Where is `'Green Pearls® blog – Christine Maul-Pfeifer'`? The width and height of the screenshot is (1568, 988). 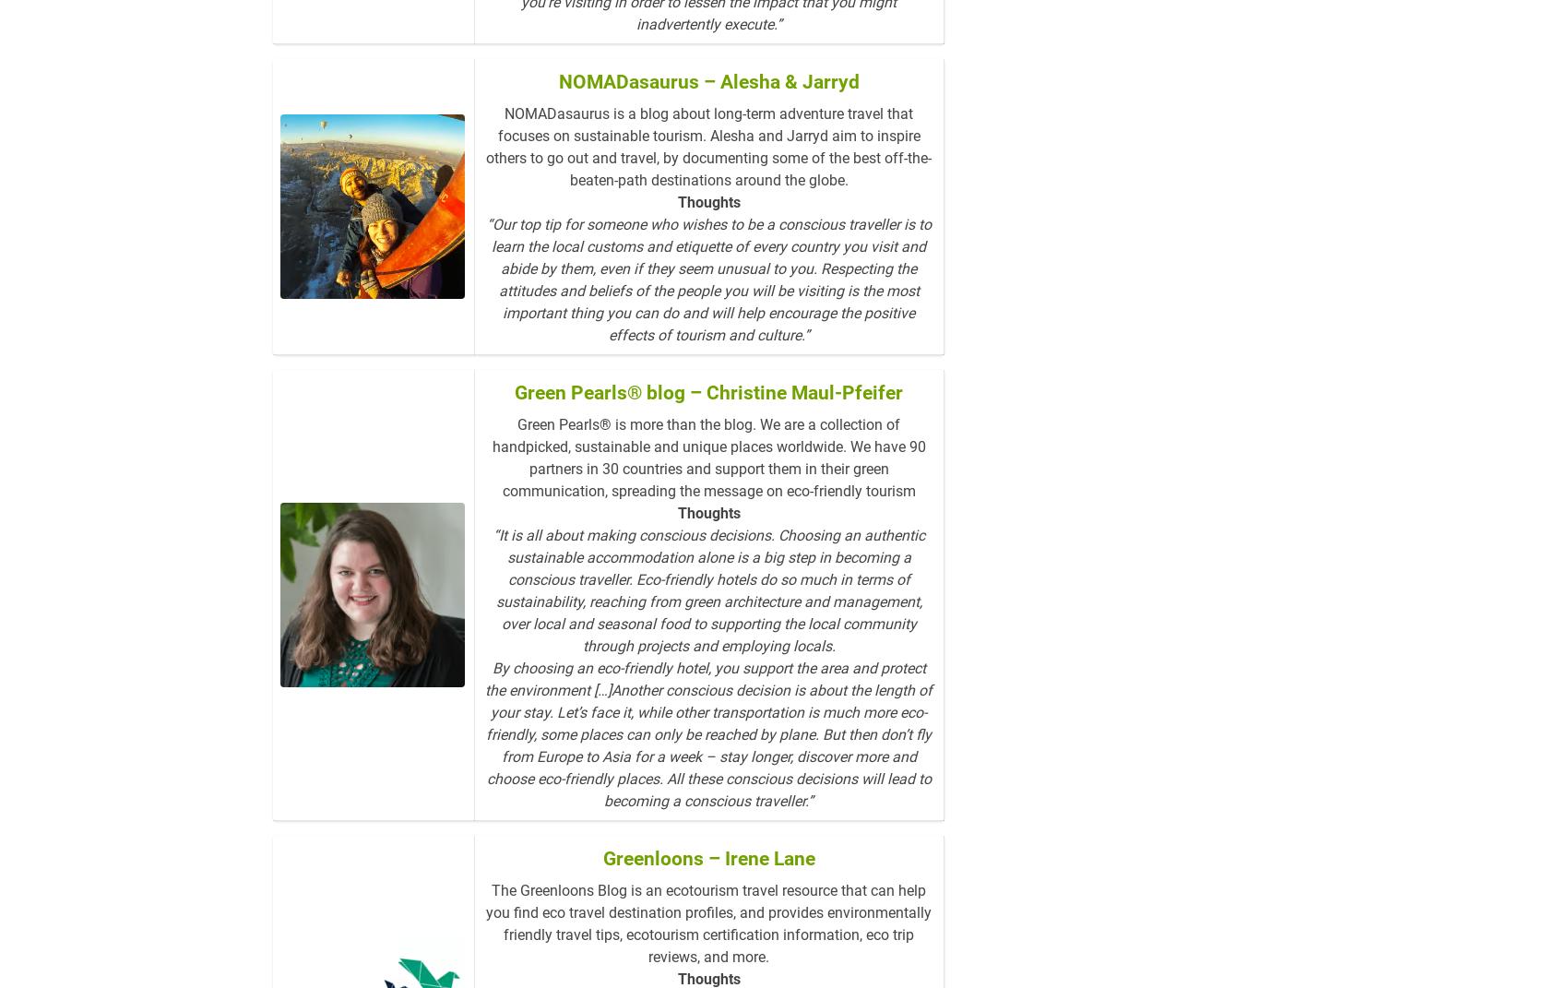
'Green Pearls® blog – Christine Maul-Pfeifer' is located at coordinates (707, 391).